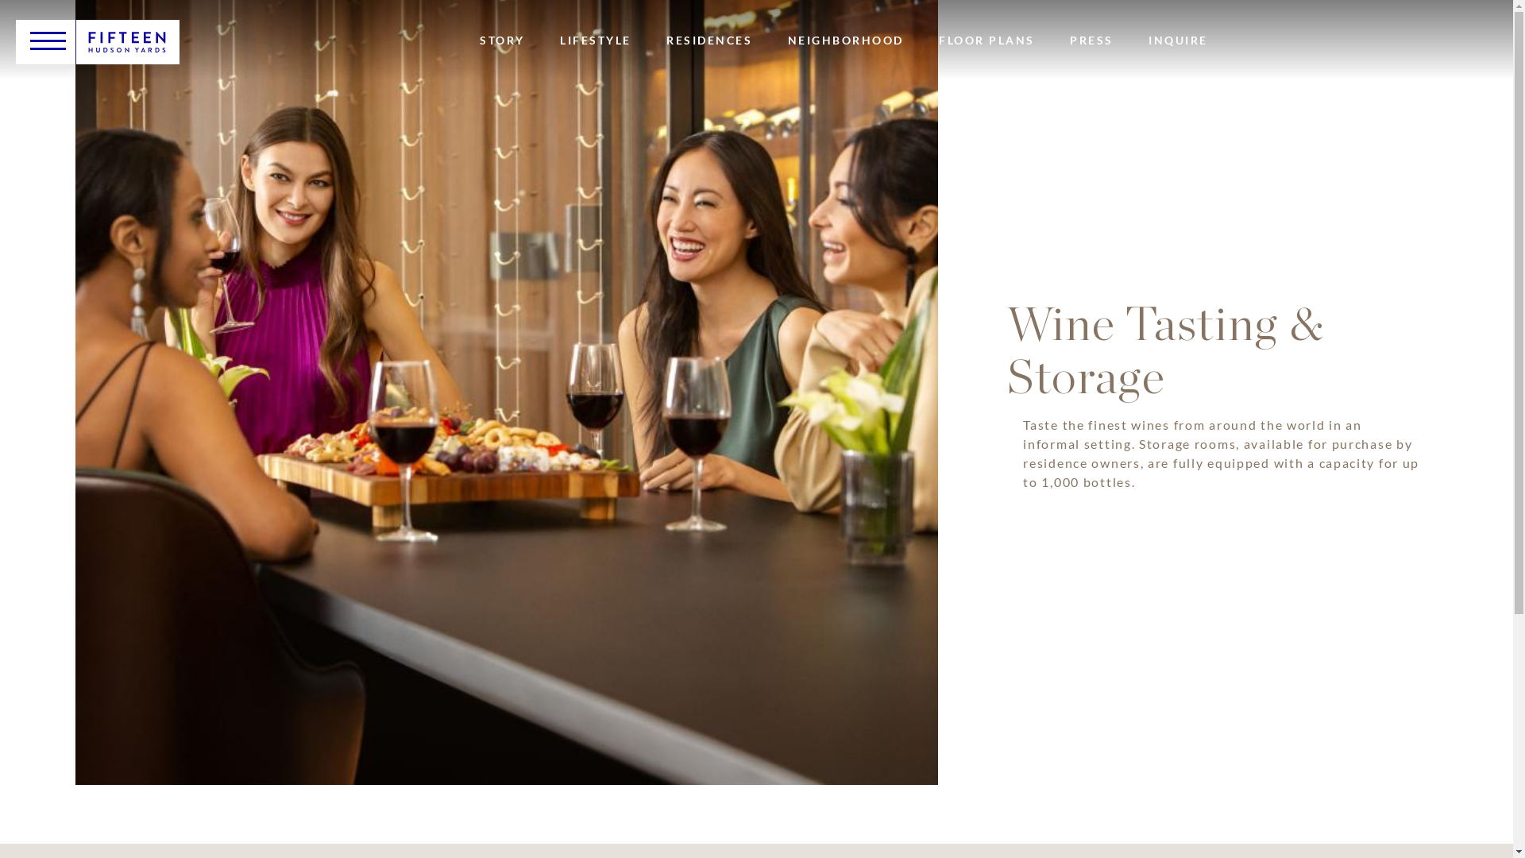 This screenshot has width=1525, height=858. Describe the element at coordinates (479, 39) in the screenshot. I see `'STORY'` at that location.